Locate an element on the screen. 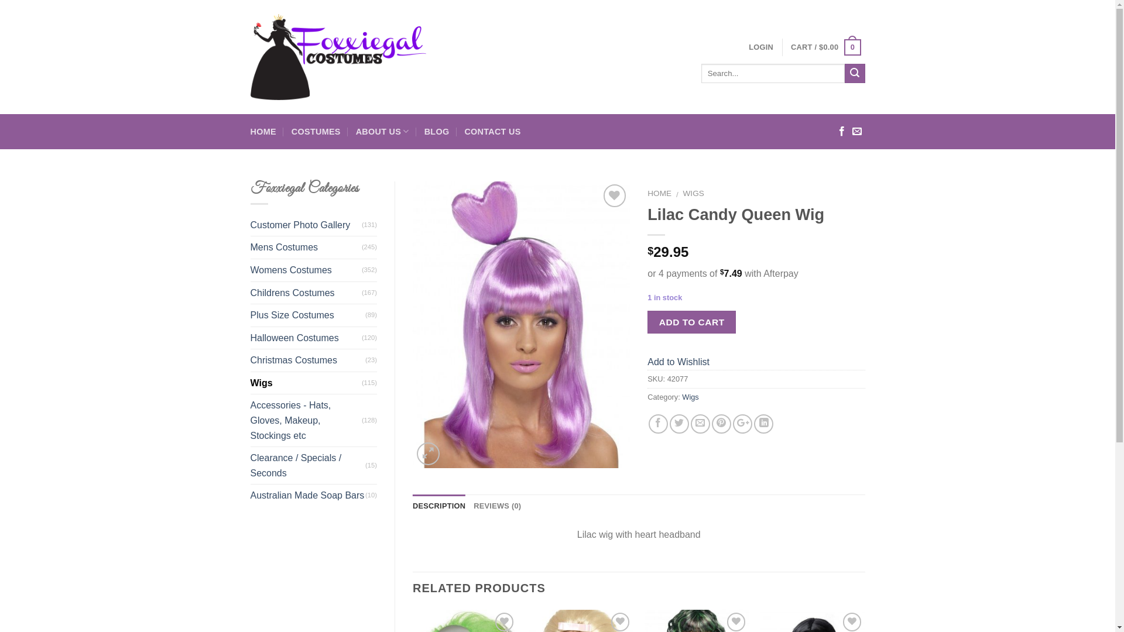 The width and height of the screenshot is (1124, 632). 'Christmas Costumes' is located at coordinates (308, 360).